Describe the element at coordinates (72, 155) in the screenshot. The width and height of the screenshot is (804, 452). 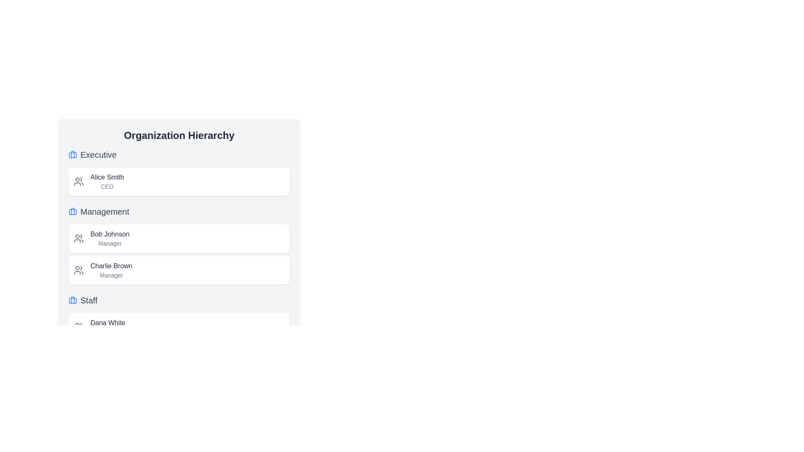
I see `structure of the rectangular SVG component that forms the body of the suitcase icon located near the 'Executive' header in the 'Organization Hierarchy' component` at that location.